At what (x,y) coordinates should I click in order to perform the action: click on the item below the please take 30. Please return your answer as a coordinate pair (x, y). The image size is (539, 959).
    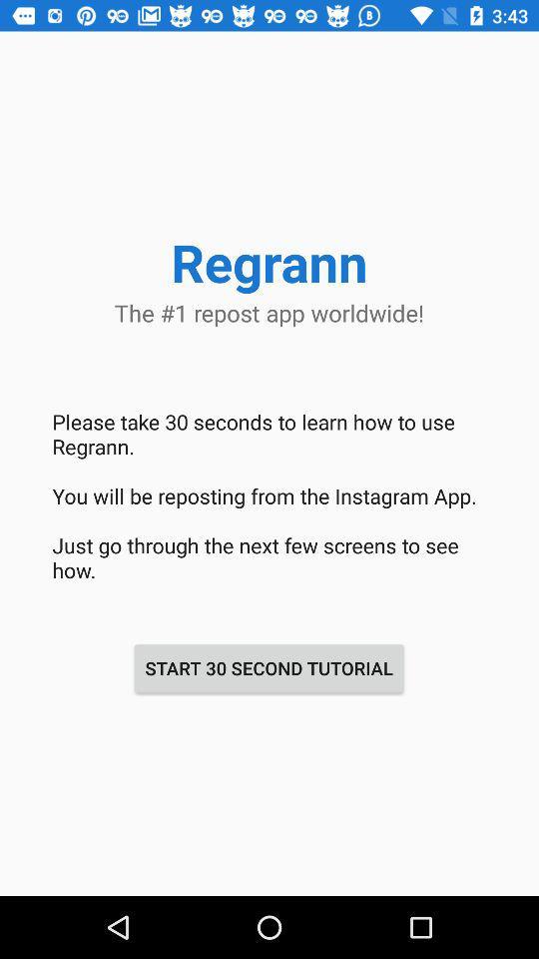
    Looking at the image, I should click on (269, 668).